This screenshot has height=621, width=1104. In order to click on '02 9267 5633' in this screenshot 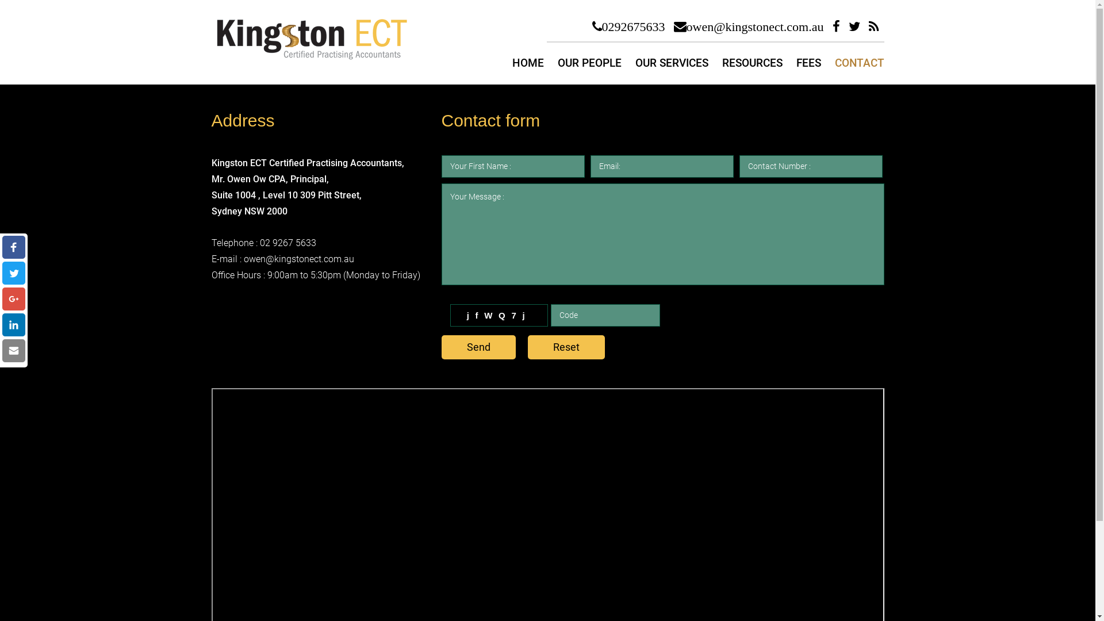, I will do `click(287, 242)`.